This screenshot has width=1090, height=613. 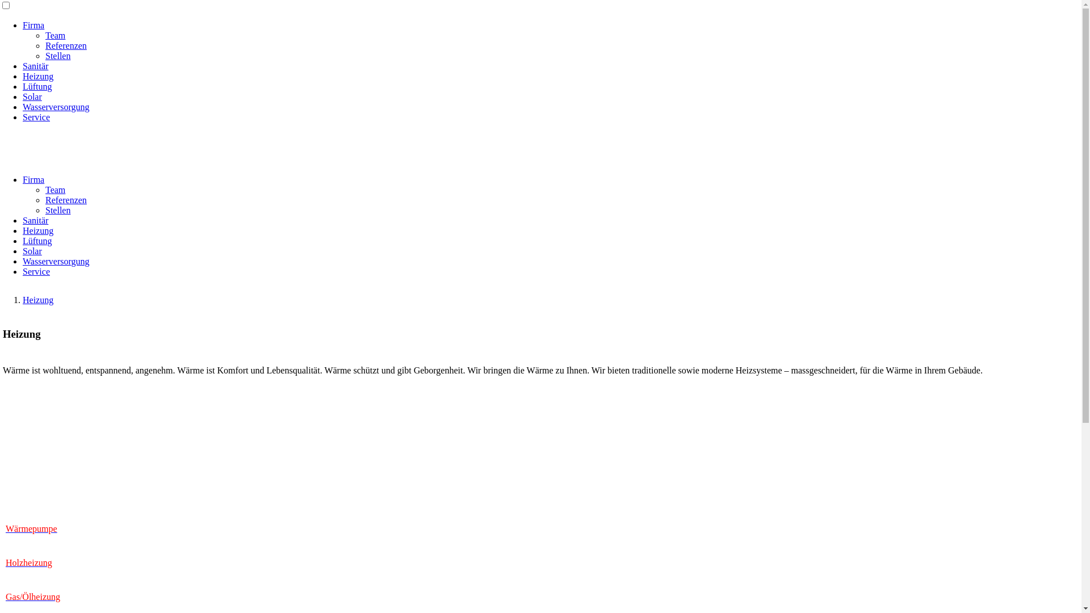 What do you see at coordinates (36, 117) in the screenshot?
I see `'Service'` at bounding box center [36, 117].